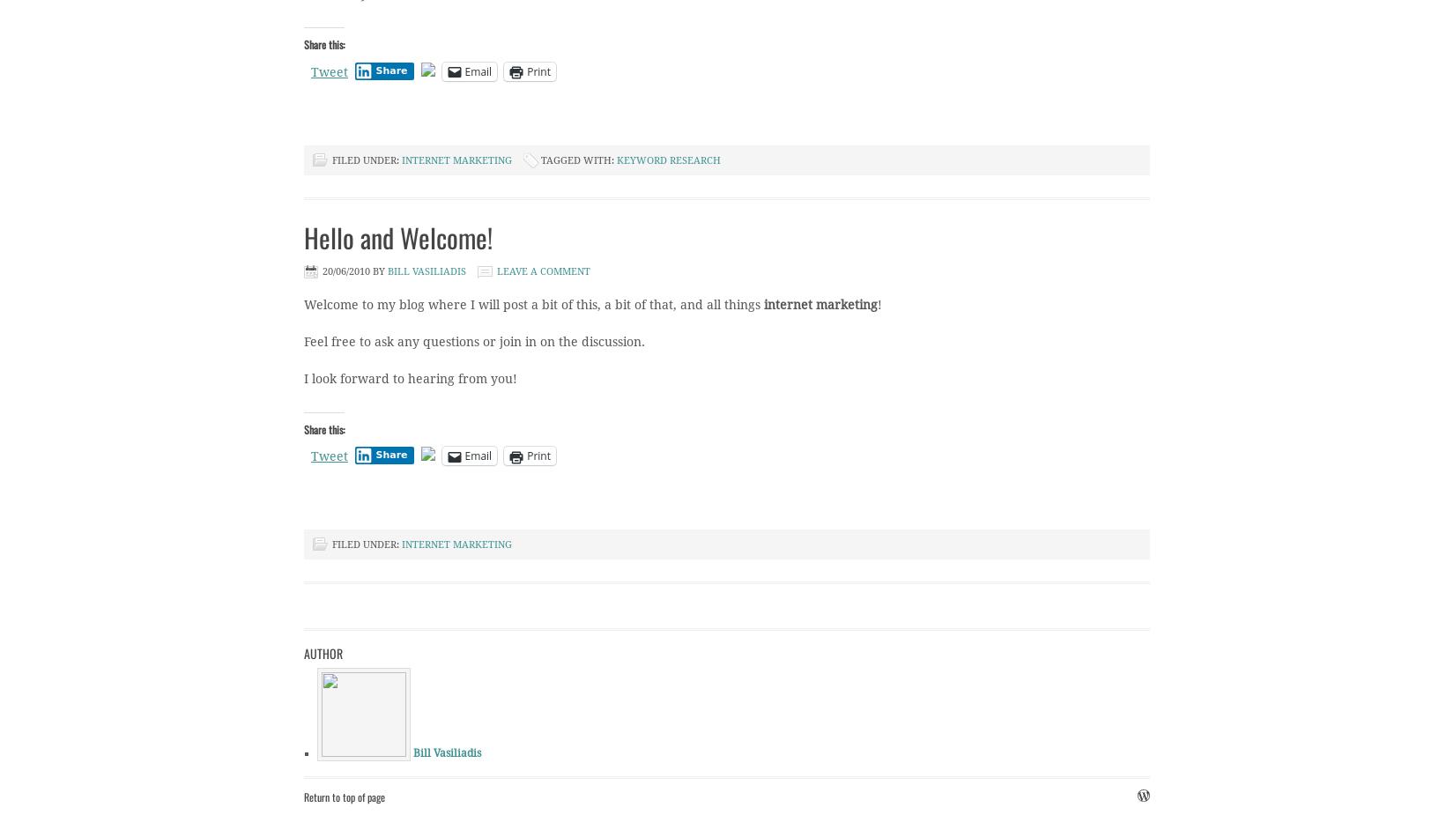  Describe the element at coordinates (409, 377) in the screenshot. I see `'I look forward to hearing from you!'` at that location.